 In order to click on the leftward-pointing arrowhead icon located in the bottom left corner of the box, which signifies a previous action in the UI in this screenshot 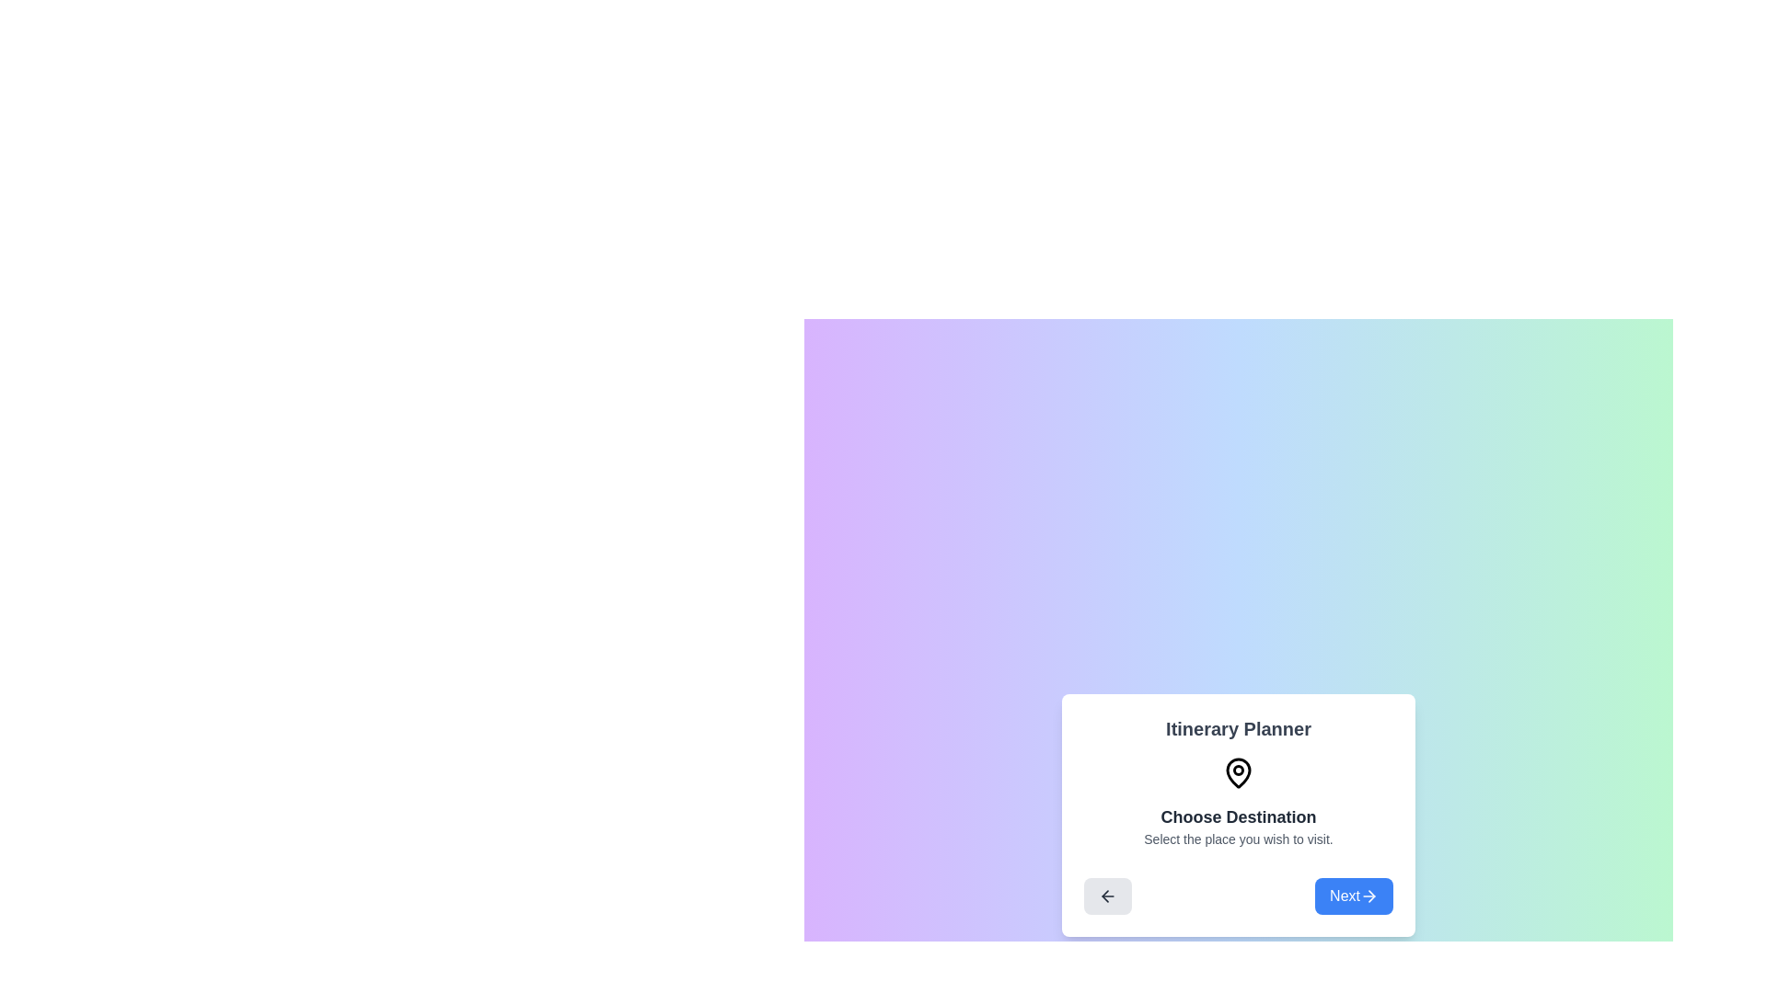, I will do `click(1104, 896)`.